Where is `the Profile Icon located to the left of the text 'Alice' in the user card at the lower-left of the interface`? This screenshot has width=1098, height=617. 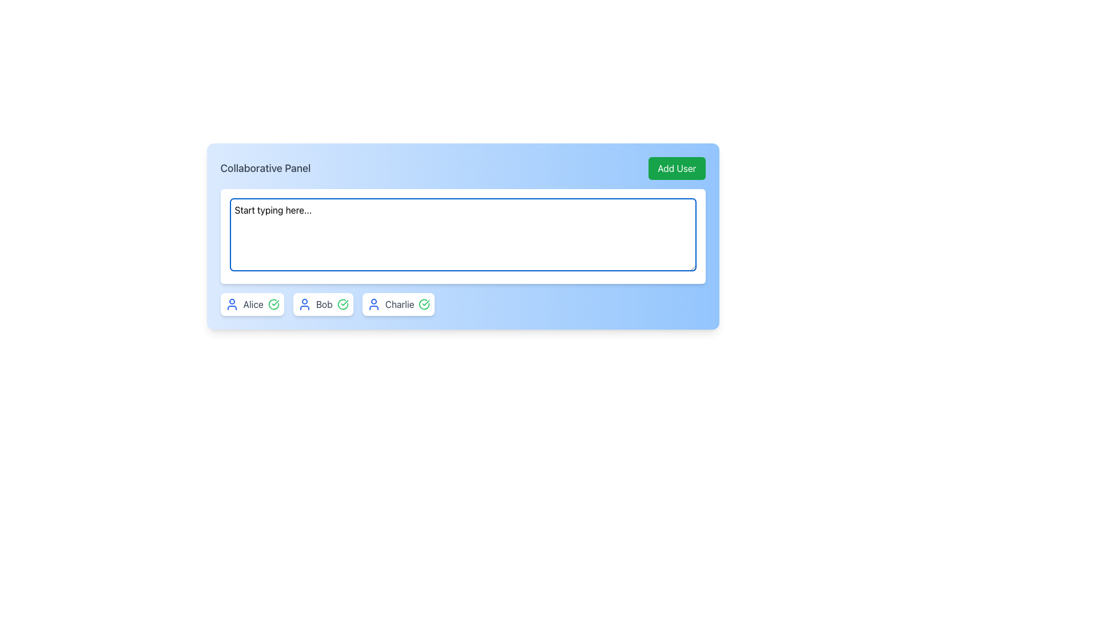 the Profile Icon located to the left of the text 'Alice' in the user card at the lower-left of the interface is located at coordinates (231, 303).